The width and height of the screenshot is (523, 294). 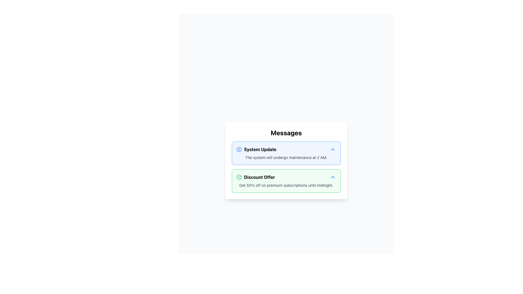 I want to click on informational text element located below the 'Discount Offer' text within a green-bordered box in the second card of a vertically stacked group, so click(x=286, y=185).